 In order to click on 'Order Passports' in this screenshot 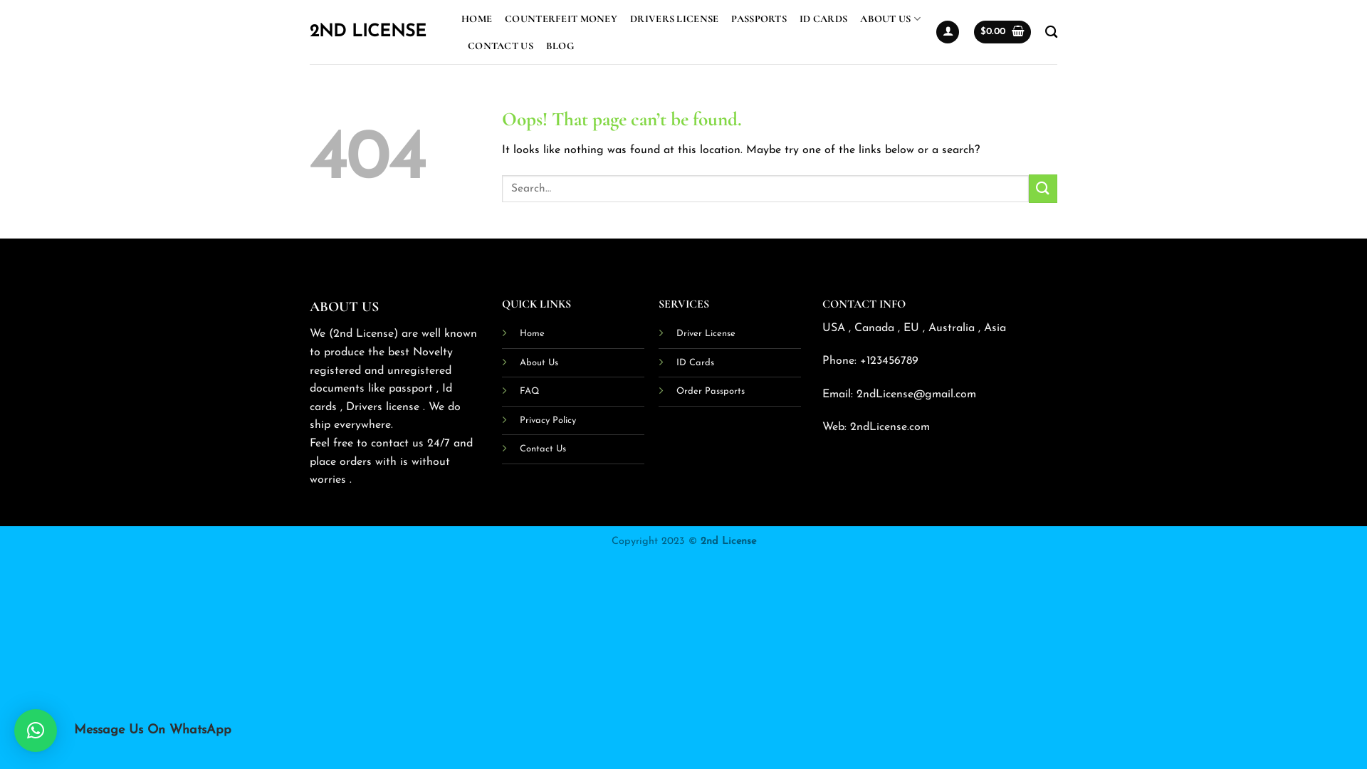, I will do `click(711, 390)`.